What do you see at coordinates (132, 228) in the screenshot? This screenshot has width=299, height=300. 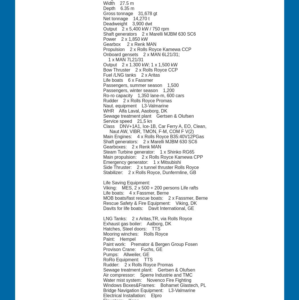 I see `'Hatches, Steel doors:    TTS'` at bounding box center [132, 228].